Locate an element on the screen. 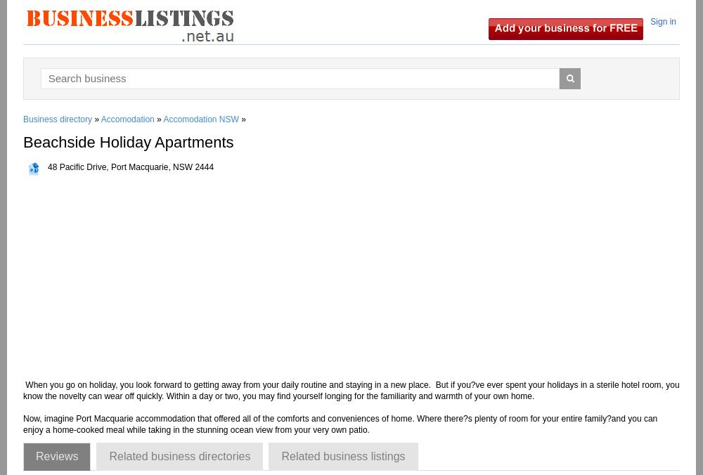 The height and width of the screenshot is (475, 703). 'Reviews' is located at coordinates (36, 456).